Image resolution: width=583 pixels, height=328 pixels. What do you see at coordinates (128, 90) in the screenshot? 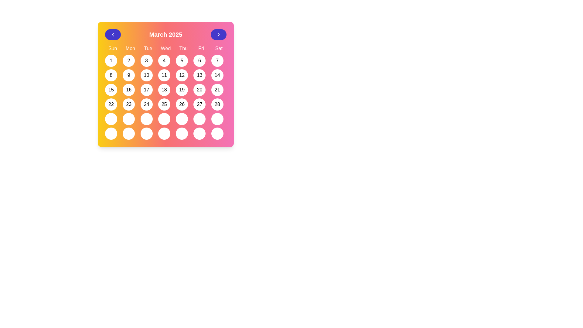
I see `the button representing the day '16' in the calendar under the 'Sun' column for the third week of the month` at bounding box center [128, 90].